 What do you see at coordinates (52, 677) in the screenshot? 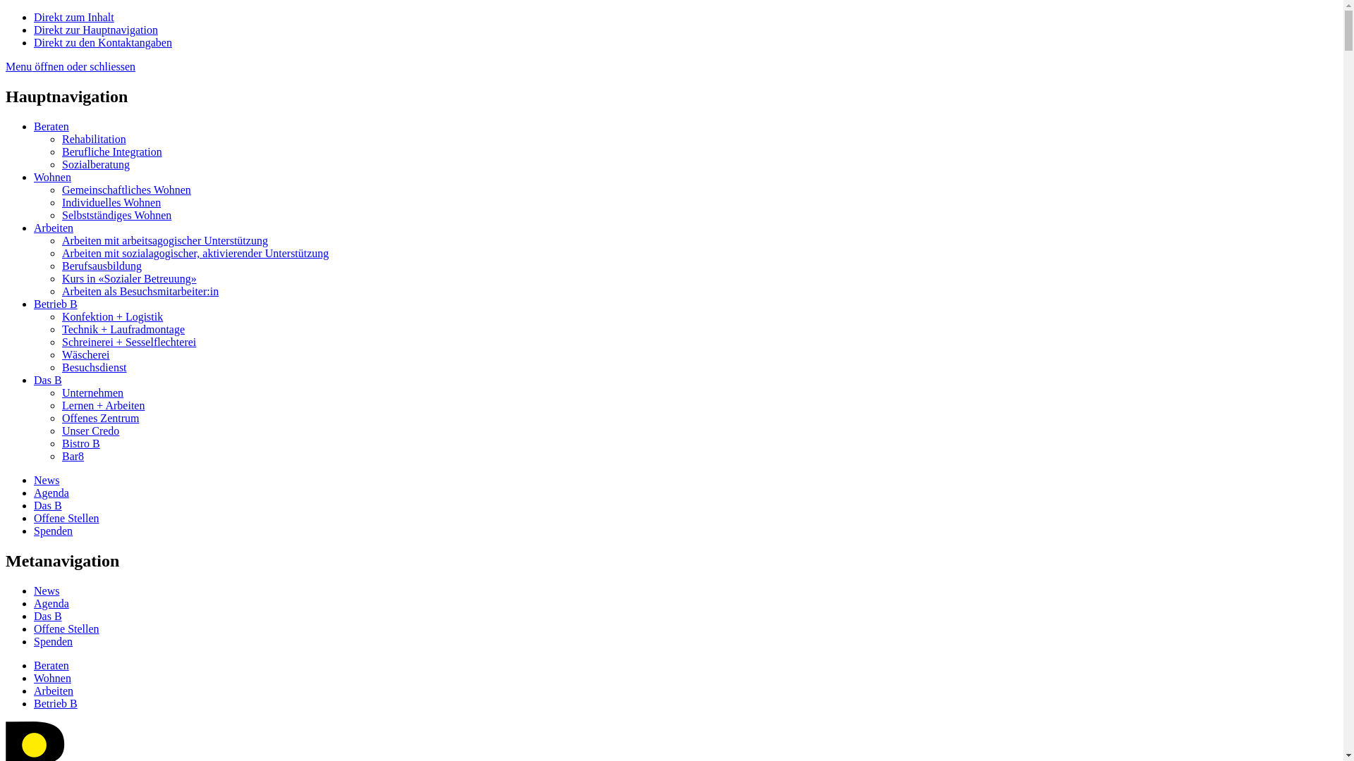
I see `'Wohnen'` at bounding box center [52, 677].